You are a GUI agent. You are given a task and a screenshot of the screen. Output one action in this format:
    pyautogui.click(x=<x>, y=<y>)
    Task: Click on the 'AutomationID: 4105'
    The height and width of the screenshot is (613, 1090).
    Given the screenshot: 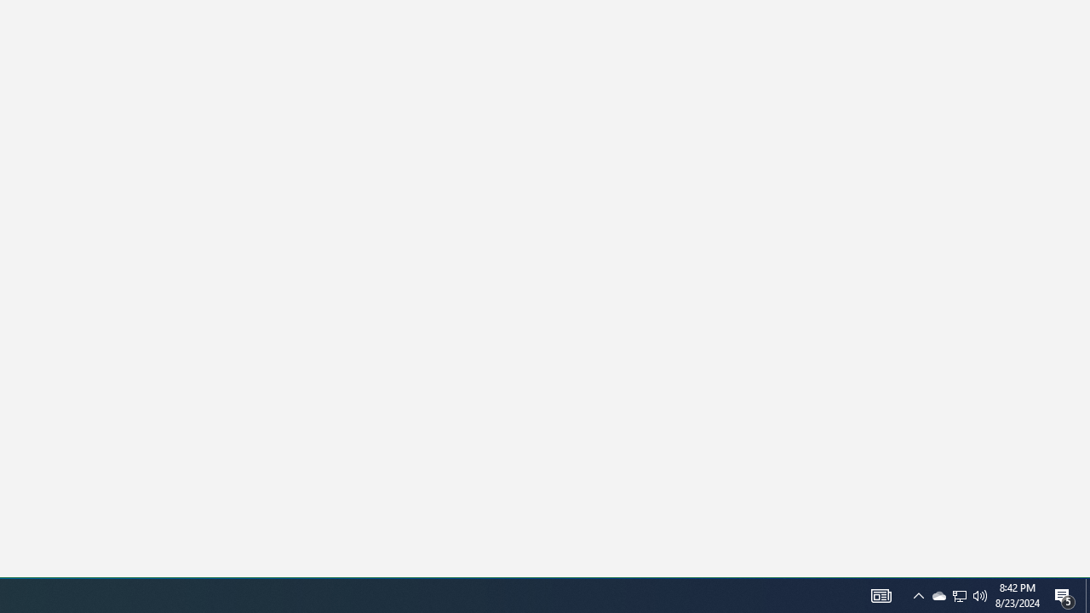 What is the action you would take?
    pyautogui.click(x=881, y=594)
    